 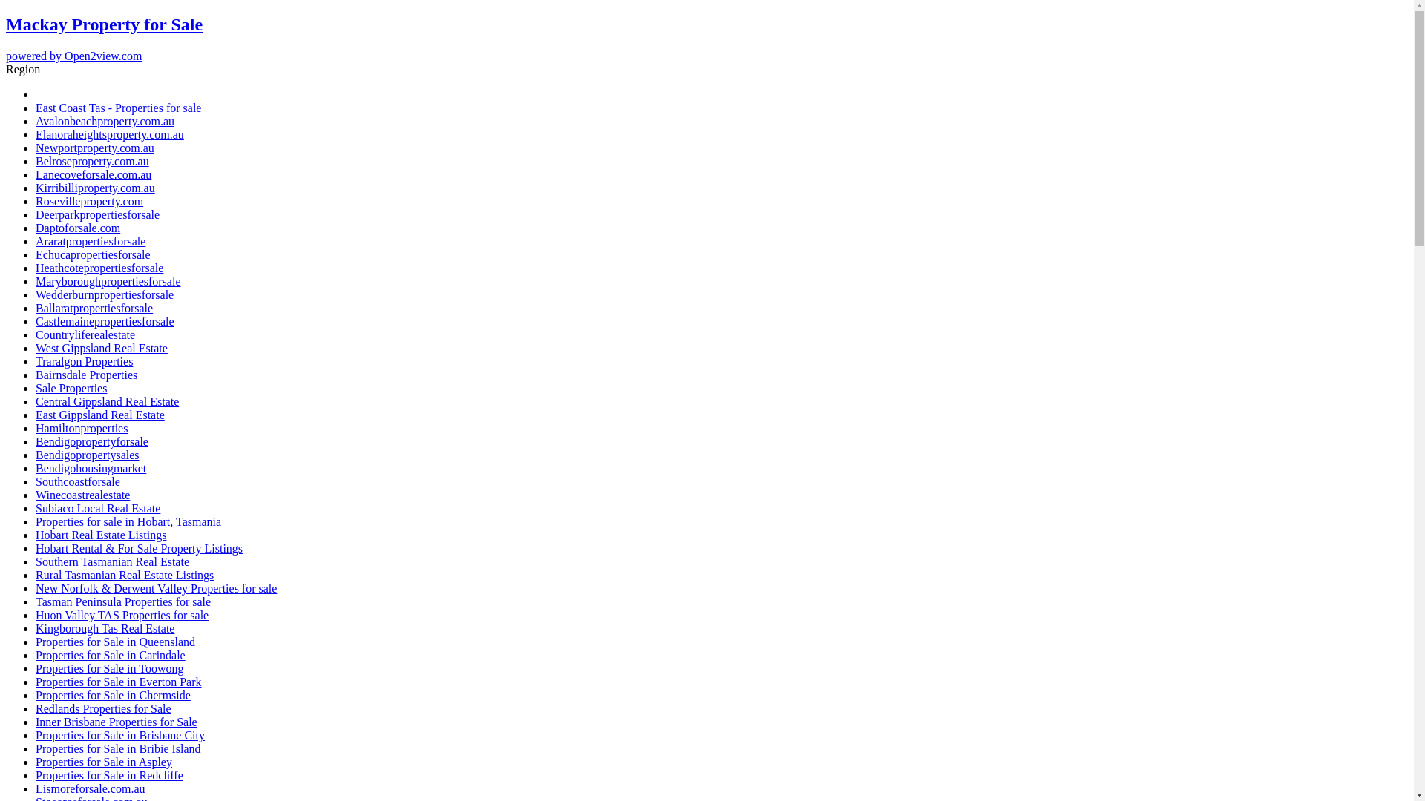 I want to click on 'Southern Tasmanian Real Estate', so click(x=111, y=561).